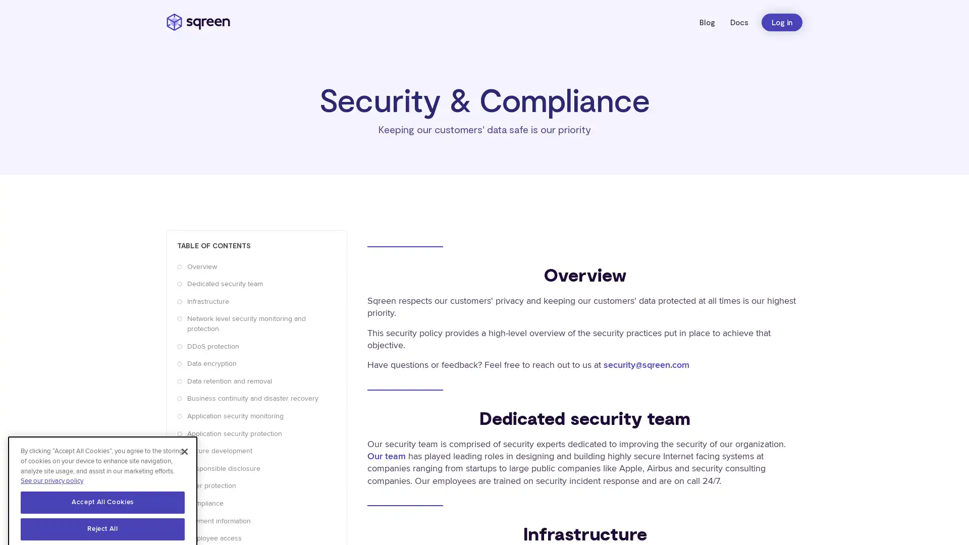 The width and height of the screenshot is (969, 545). I want to click on Close, so click(184, 429).